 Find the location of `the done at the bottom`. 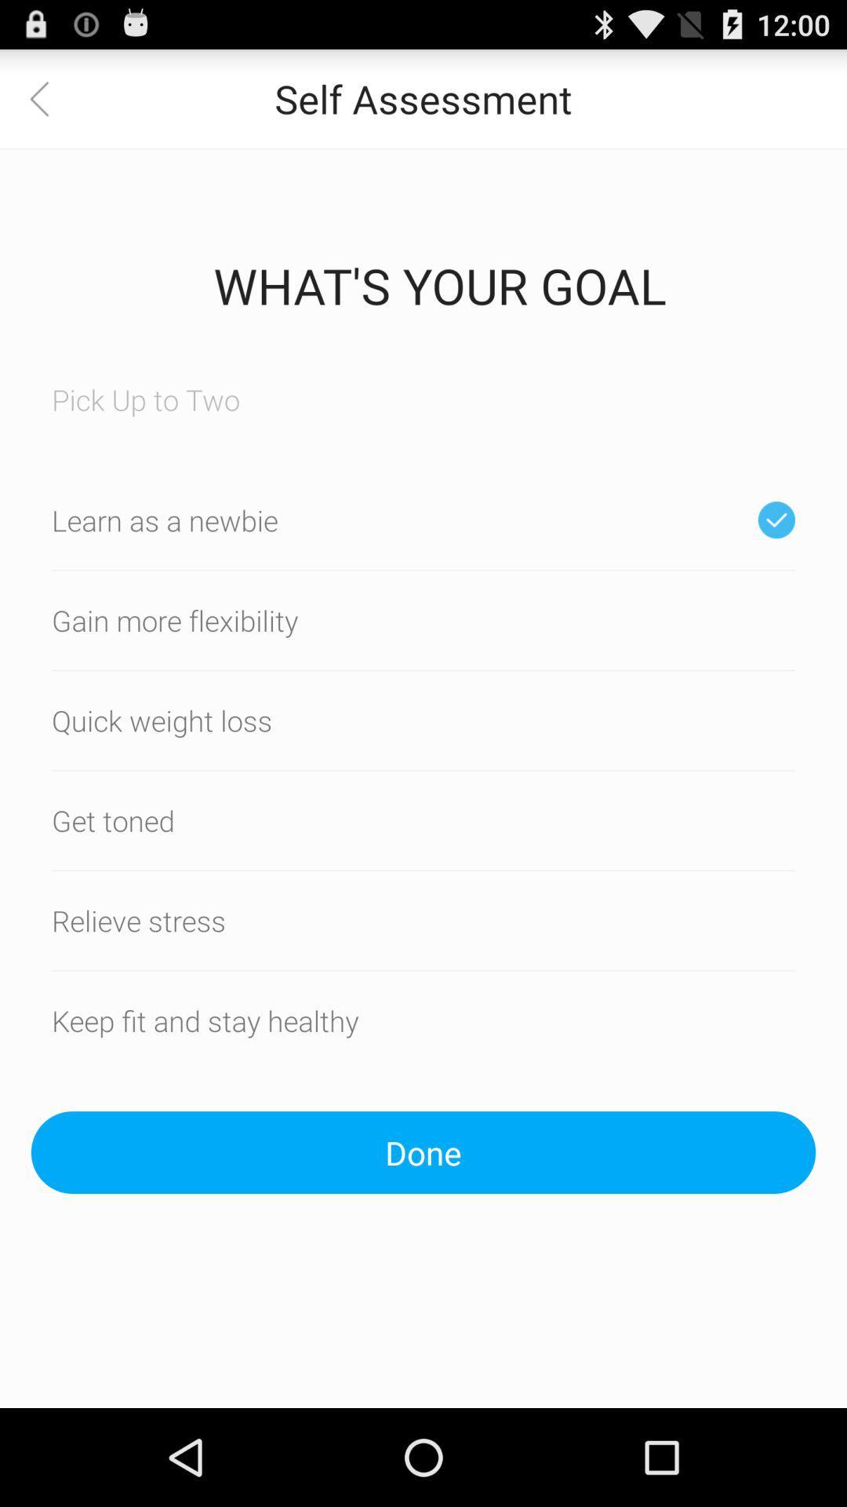

the done at the bottom is located at coordinates (423, 1152).